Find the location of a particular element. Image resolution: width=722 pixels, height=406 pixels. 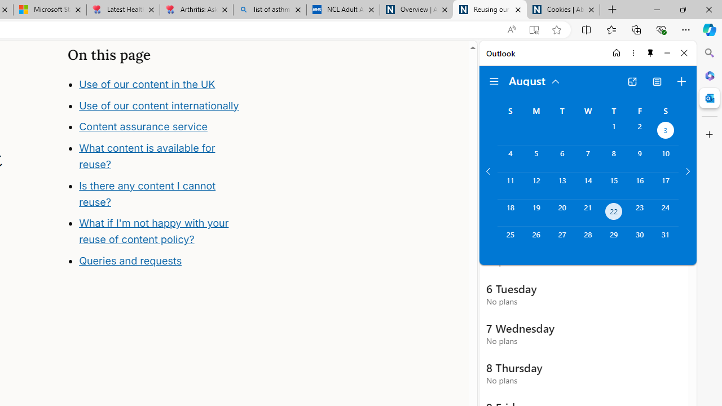

'Sunday, August 25, 2024. ' is located at coordinates (509, 239).